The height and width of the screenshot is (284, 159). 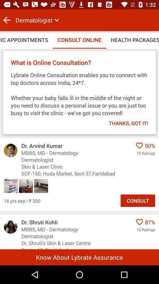 I want to click on the icon below the sector 15, faridabad icon, so click(x=79, y=257).